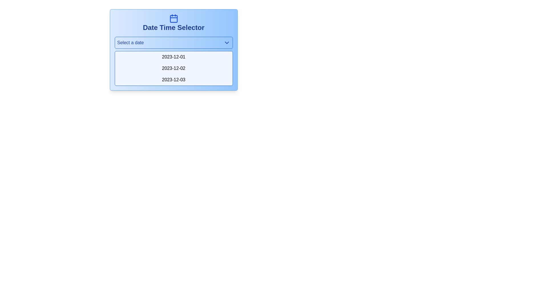  What do you see at coordinates (173, 57) in the screenshot?
I see `the first item in the dropdown menu displaying the date '2023-12-01'` at bounding box center [173, 57].